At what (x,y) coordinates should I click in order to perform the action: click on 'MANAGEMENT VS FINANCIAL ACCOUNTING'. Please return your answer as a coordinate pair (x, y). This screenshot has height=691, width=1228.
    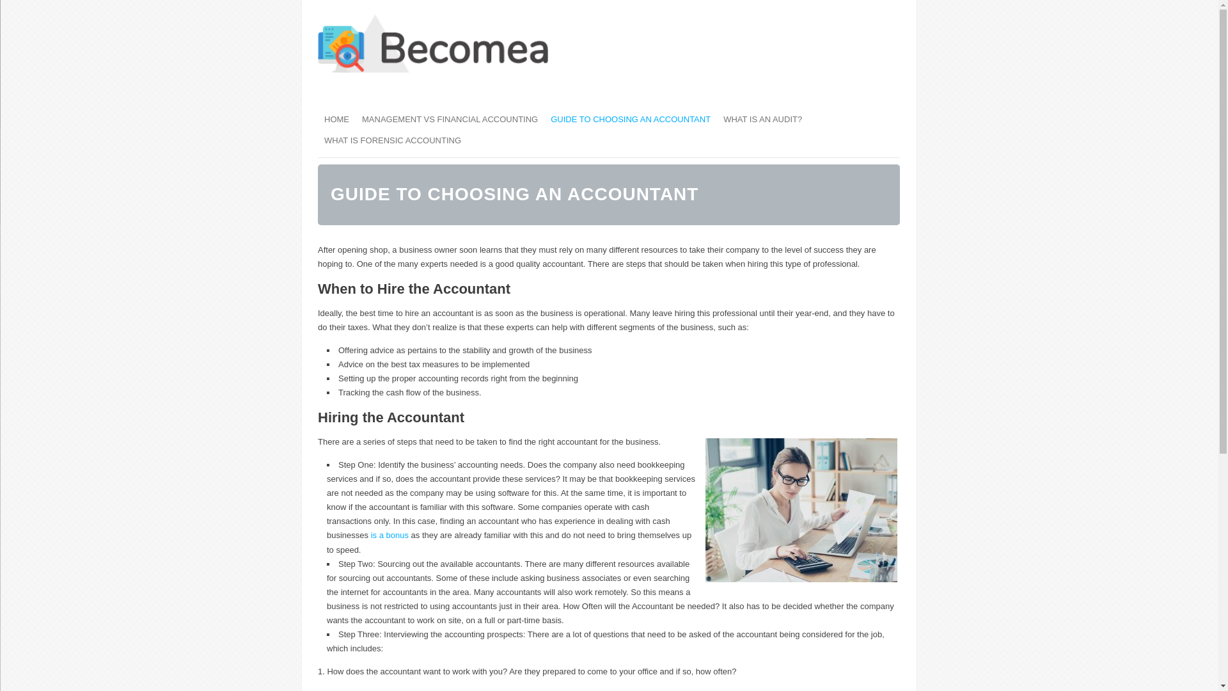
    Looking at the image, I should click on (450, 119).